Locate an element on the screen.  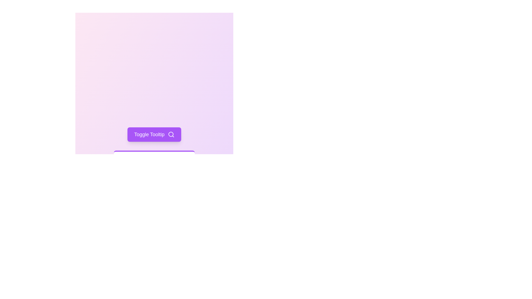
the white magnifying glass icon located within the purple 'Toggle Tooltip' button, which is positioned to the right of the text is located at coordinates (171, 135).